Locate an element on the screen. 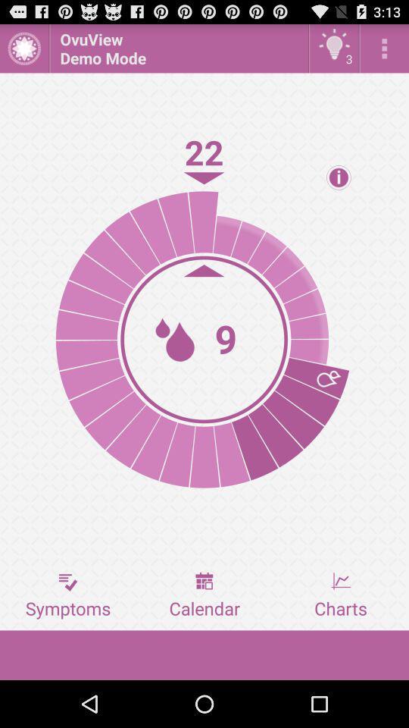 The height and width of the screenshot is (728, 409). the button next to the calendar item is located at coordinates (67, 595).